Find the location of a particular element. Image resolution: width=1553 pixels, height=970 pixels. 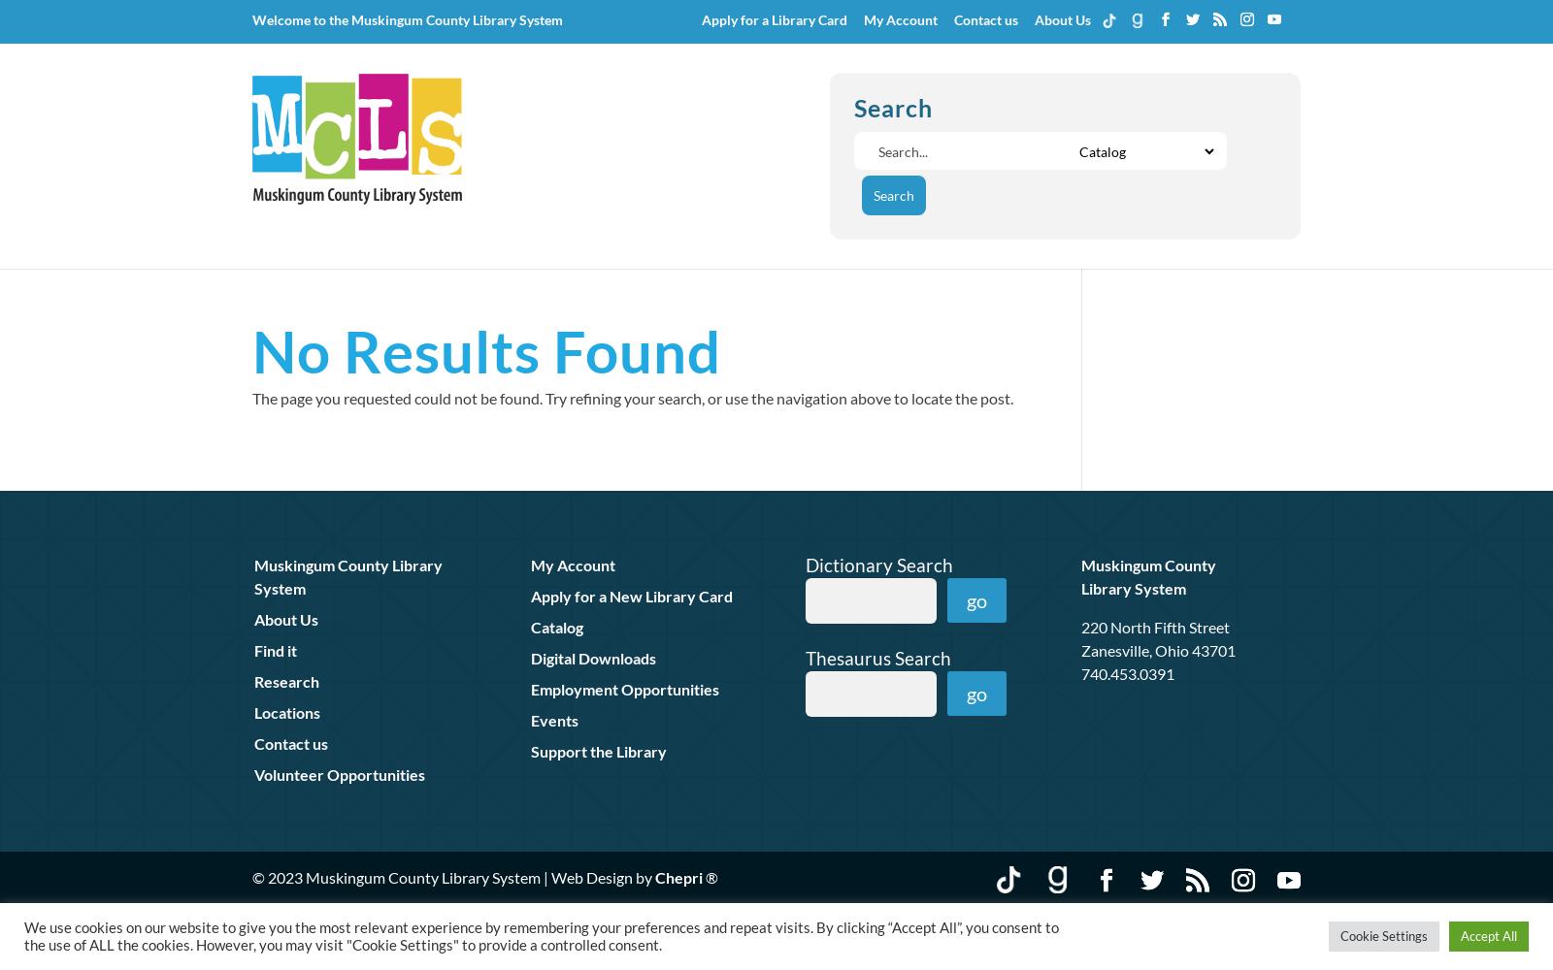

'Apply for a Library Card' is located at coordinates (775, 19).